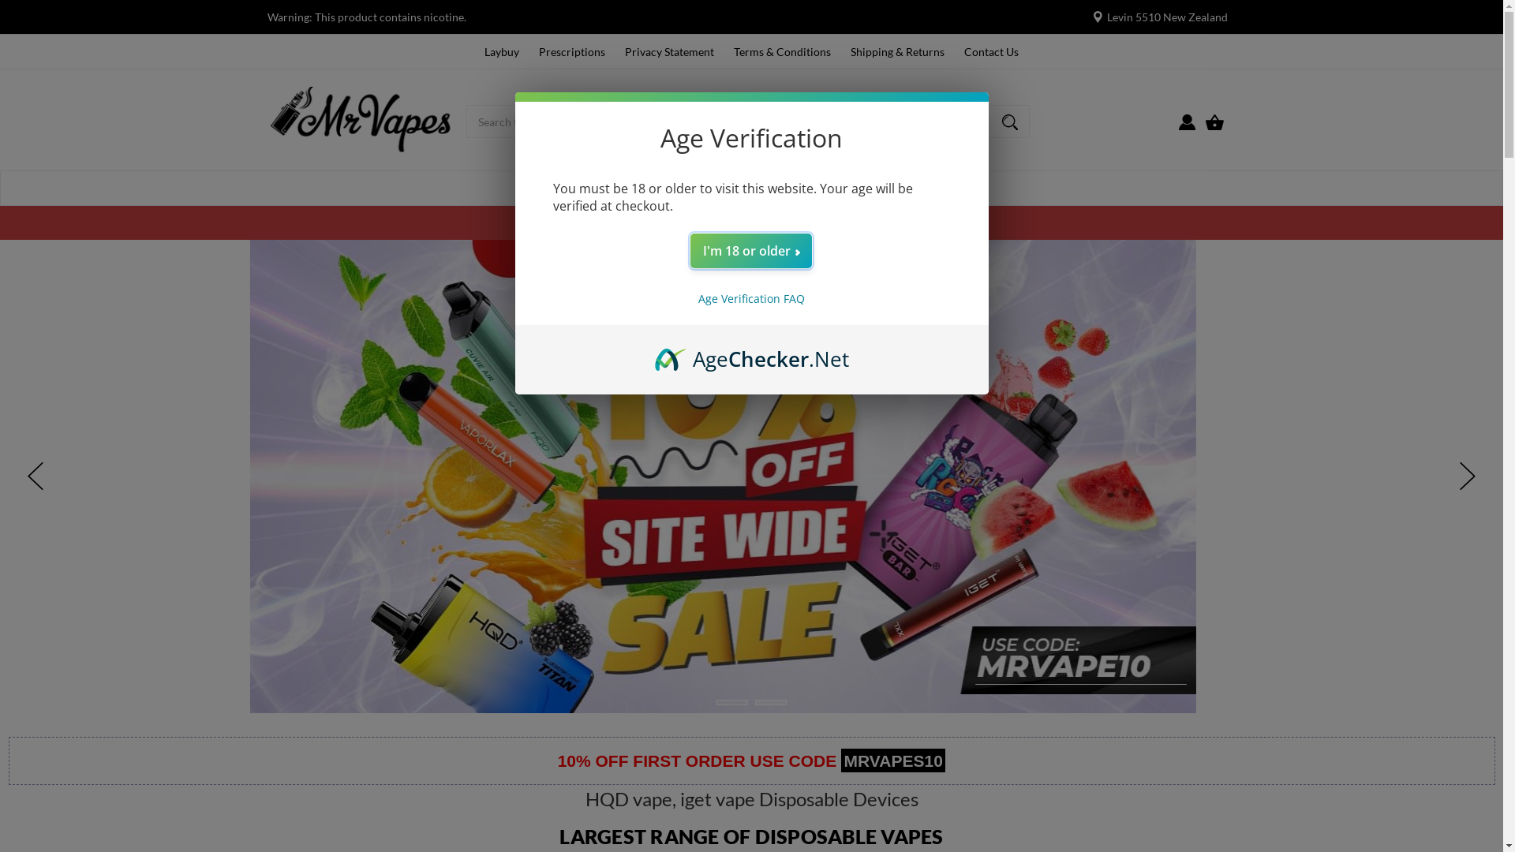  I want to click on 'hero-prev-arrow', so click(35, 476).